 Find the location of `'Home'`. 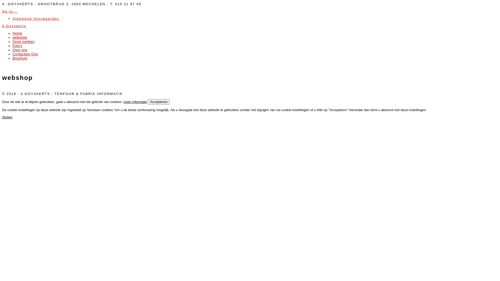

'Home' is located at coordinates (17, 33).